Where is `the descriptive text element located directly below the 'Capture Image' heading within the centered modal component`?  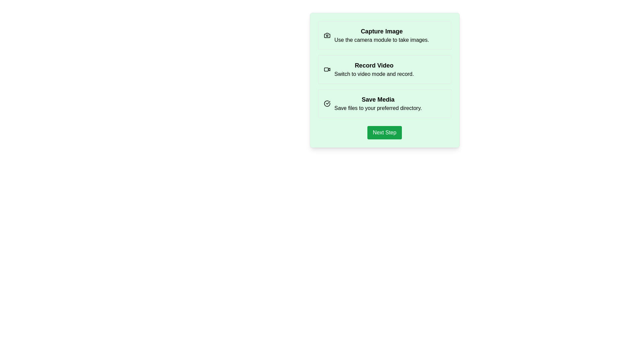 the descriptive text element located directly below the 'Capture Image' heading within the centered modal component is located at coordinates (381, 40).